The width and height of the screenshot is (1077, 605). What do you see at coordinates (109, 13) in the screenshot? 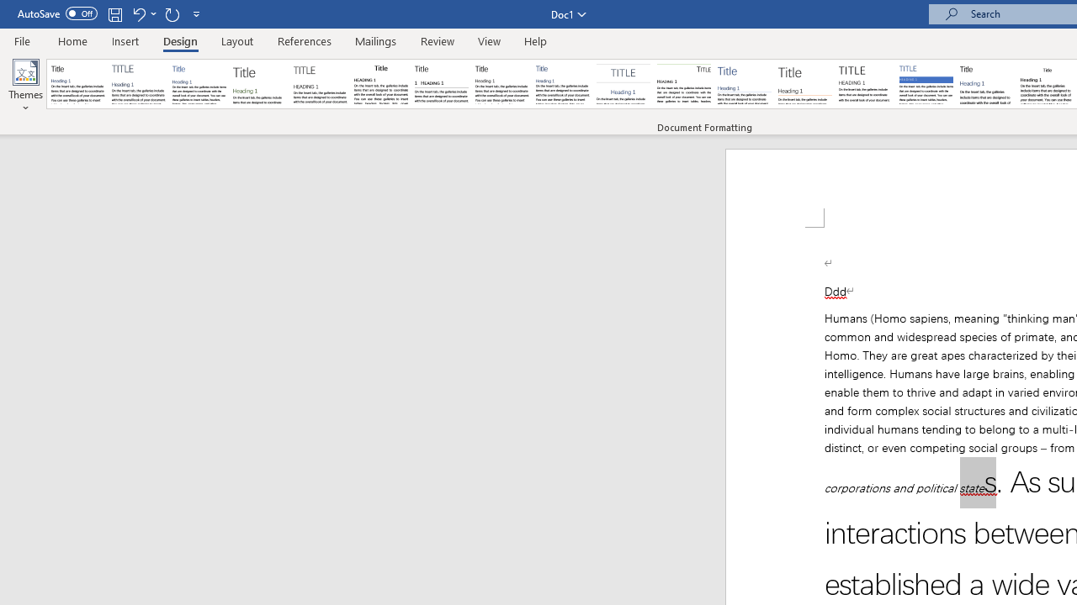
I see `'Quick Access Toolbar'` at bounding box center [109, 13].